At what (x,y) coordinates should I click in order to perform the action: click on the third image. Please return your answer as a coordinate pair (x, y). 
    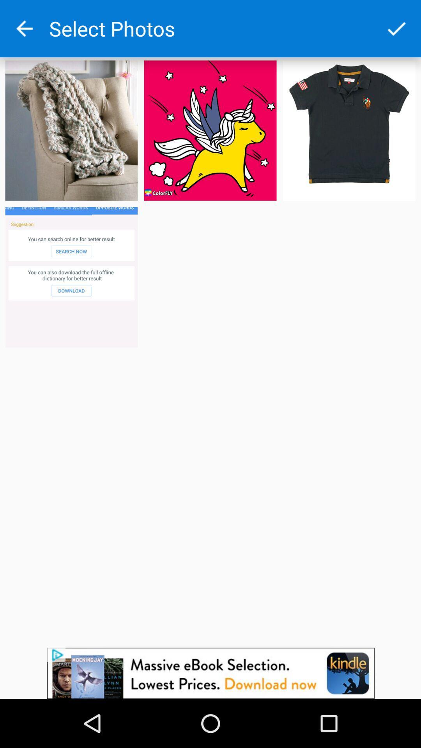
    Looking at the image, I should click on (348, 131).